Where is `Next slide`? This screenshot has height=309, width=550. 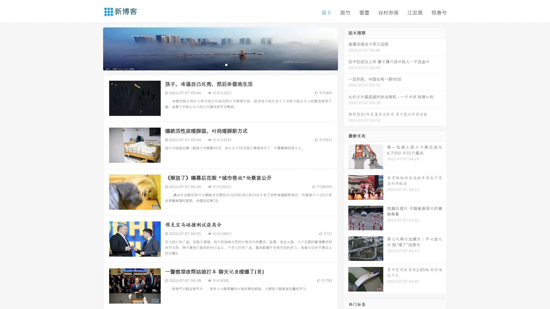
Next slide is located at coordinates (346, 48).